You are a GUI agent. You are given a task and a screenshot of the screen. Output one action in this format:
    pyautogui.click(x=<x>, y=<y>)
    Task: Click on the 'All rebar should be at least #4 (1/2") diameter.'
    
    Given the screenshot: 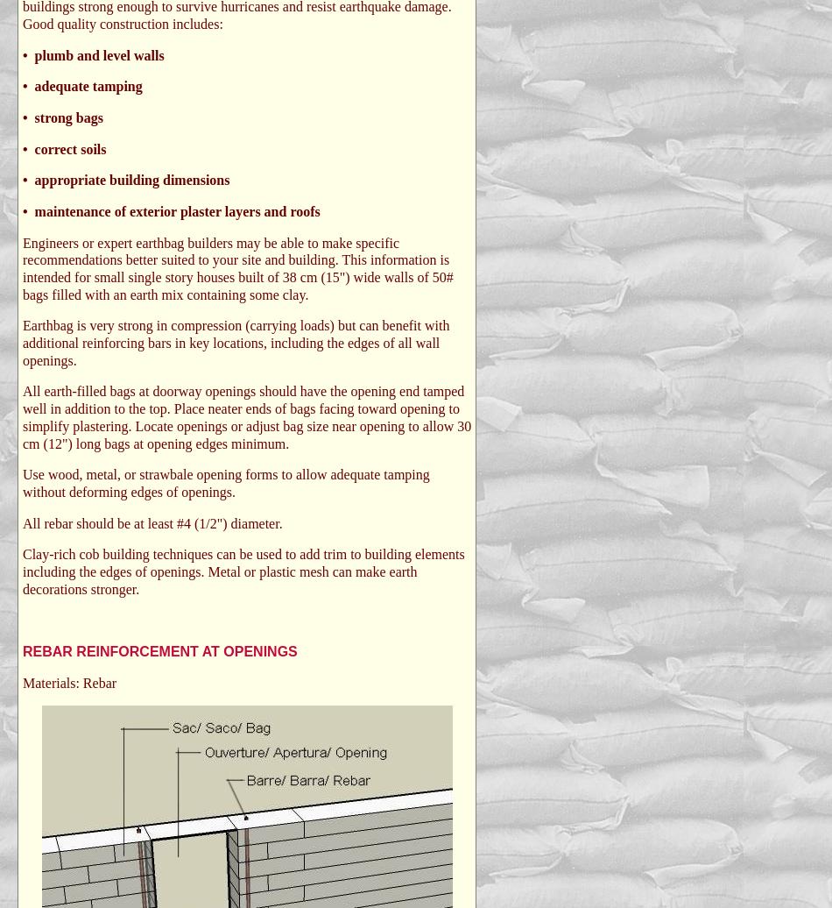 What is the action you would take?
    pyautogui.click(x=152, y=522)
    